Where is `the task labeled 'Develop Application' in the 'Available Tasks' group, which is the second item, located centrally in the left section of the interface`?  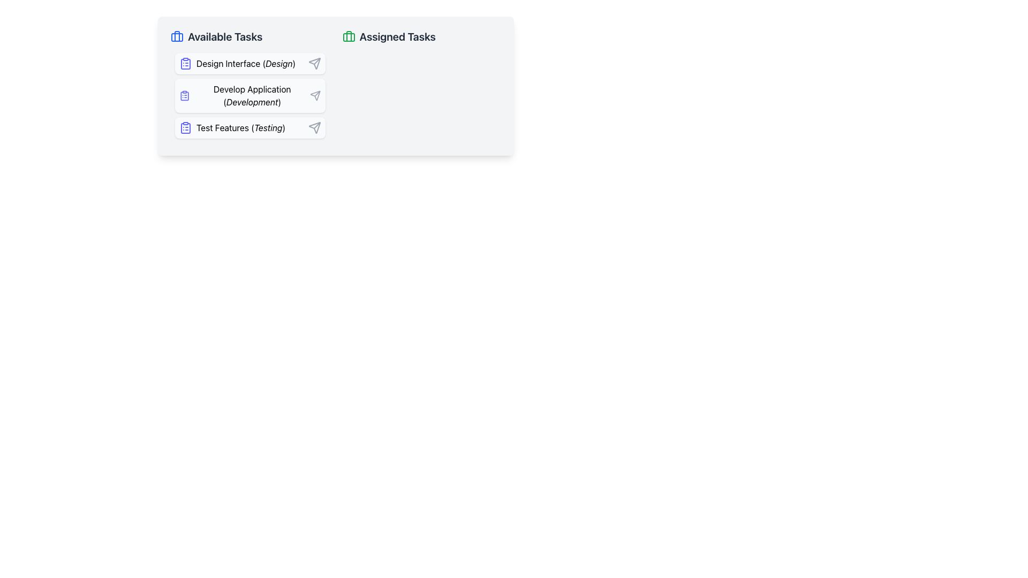 the task labeled 'Develop Application' in the 'Available Tasks' group, which is the second item, located centrally in the left section of the interface is located at coordinates (244, 95).